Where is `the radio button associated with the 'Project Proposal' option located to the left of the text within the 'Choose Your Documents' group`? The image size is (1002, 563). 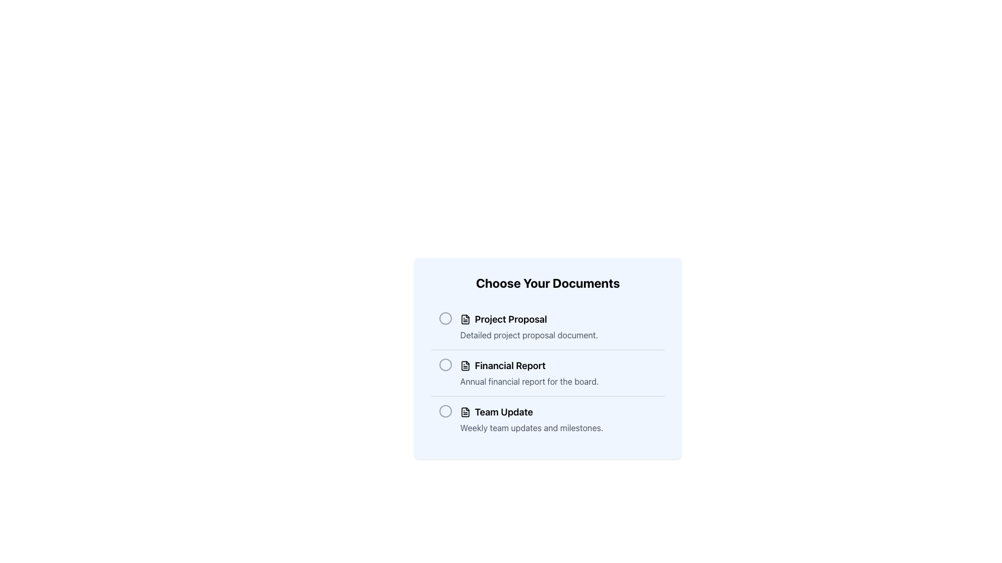 the radio button associated with the 'Project Proposal' option located to the left of the text within the 'Choose Your Documents' group is located at coordinates (446, 317).